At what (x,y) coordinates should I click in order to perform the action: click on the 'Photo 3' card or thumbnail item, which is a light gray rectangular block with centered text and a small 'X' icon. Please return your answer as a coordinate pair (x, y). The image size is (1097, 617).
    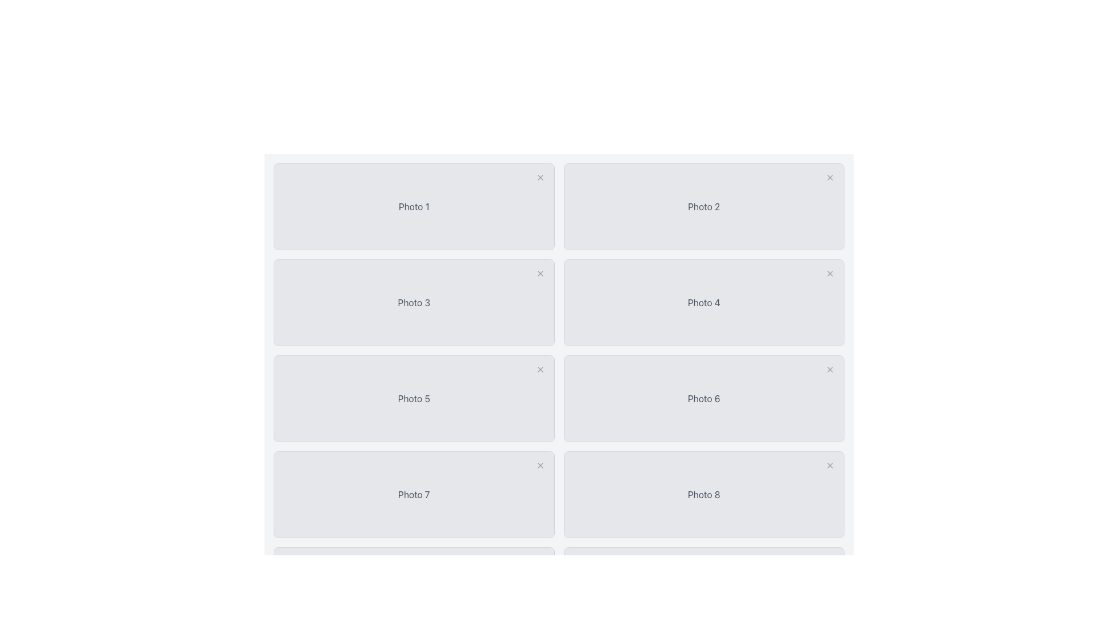
    Looking at the image, I should click on (413, 302).